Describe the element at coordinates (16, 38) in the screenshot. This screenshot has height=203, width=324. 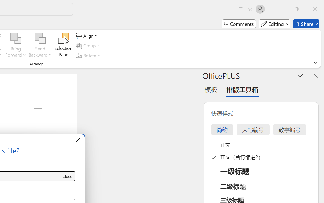
I see `'Bring Forward'` at that location.